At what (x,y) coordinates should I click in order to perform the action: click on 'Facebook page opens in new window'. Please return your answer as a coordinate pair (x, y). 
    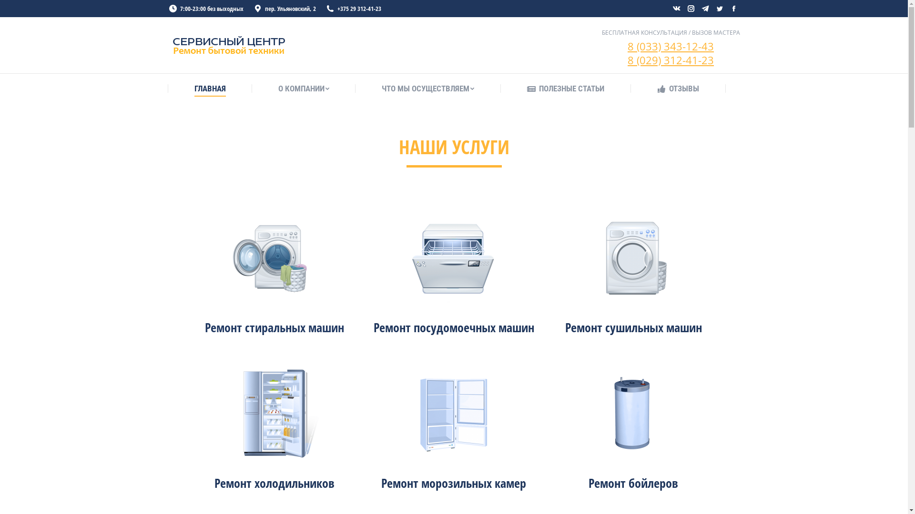
    Looking at the image, I should click on (733, 9).